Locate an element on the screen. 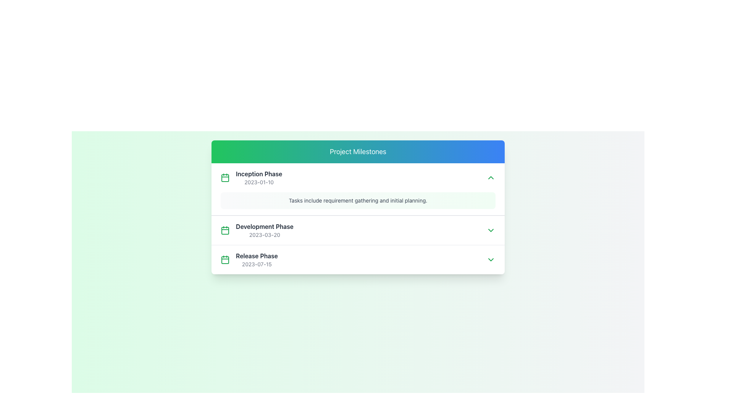 This screenshot has width=733, height=412. the text label displaying the date of the 'Release Phase' milestone located under the 'Project Milestones' panel is located at coordinates (257, 264).